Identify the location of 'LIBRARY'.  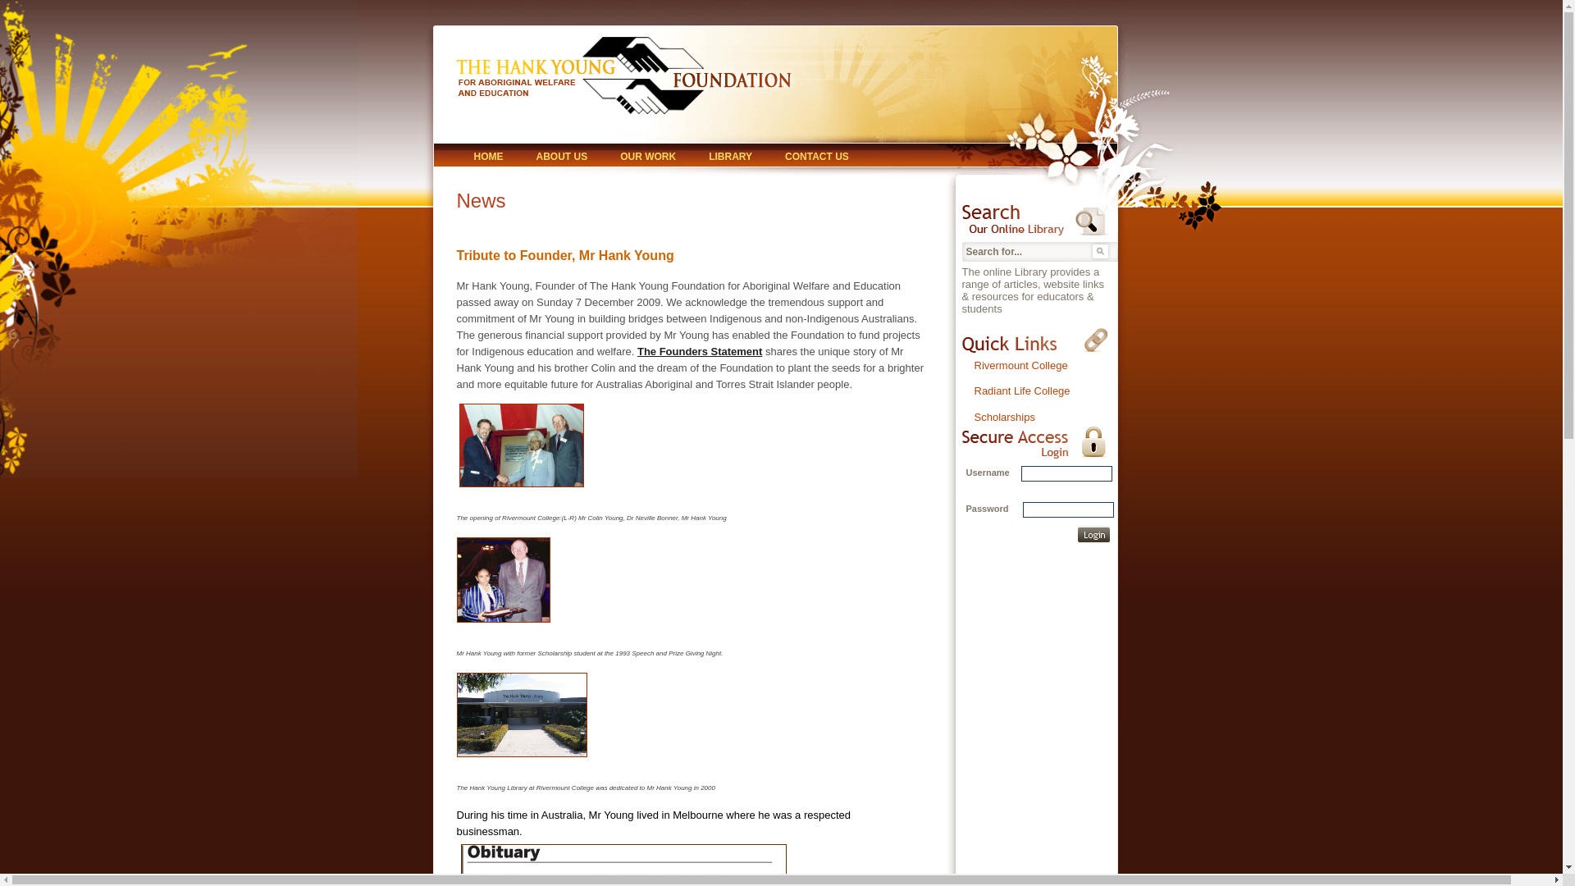
(729, 157).